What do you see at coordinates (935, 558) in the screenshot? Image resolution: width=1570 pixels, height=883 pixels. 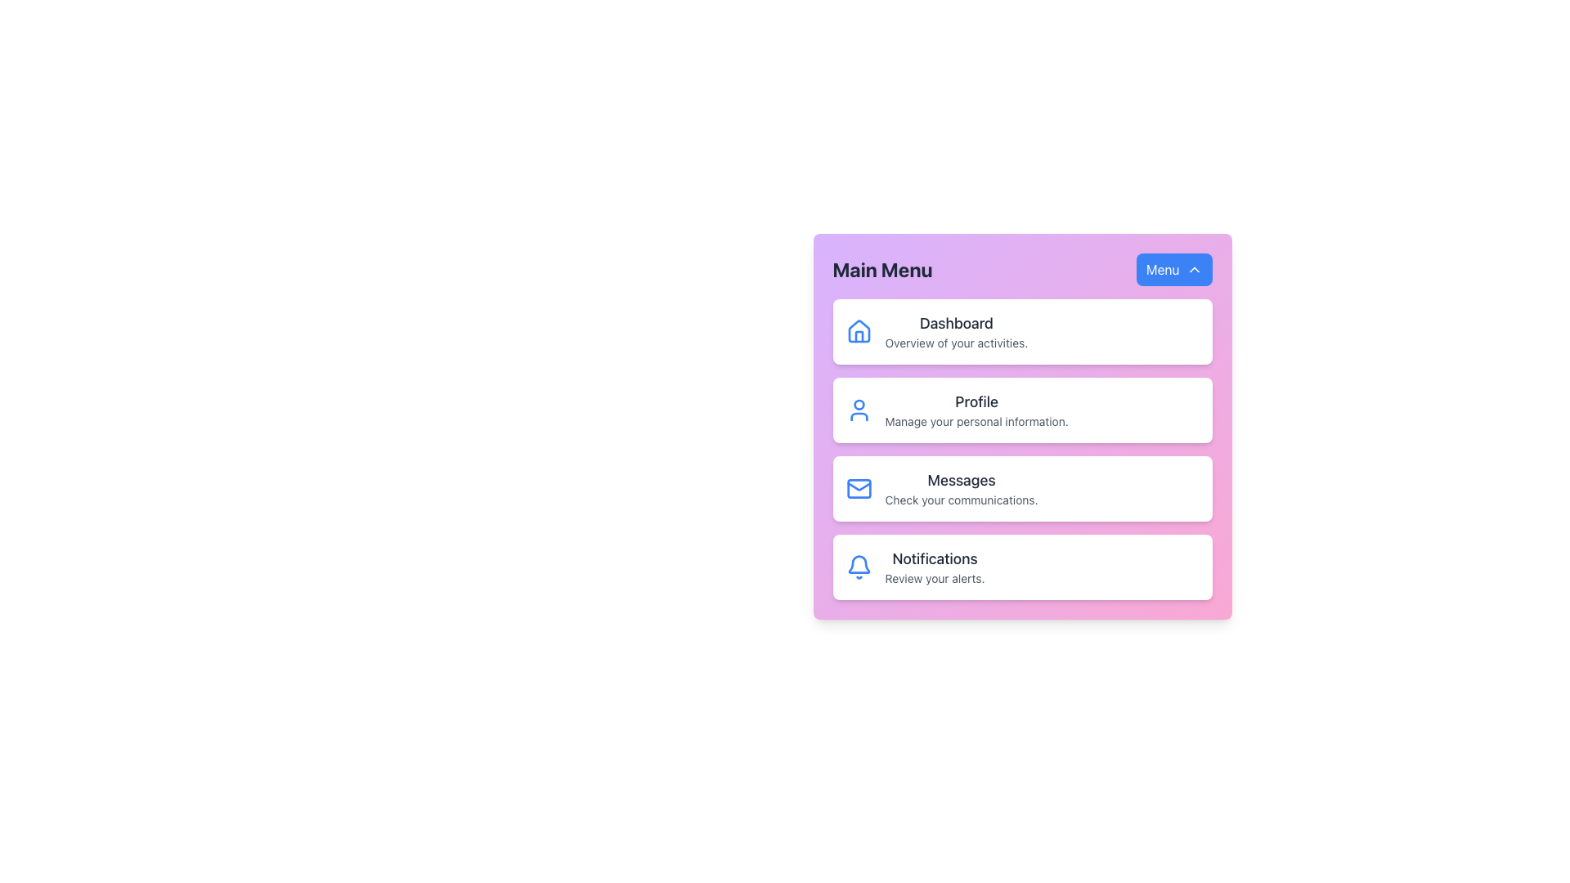 I see `the static text label 'Notifications' which serves as the title of the Notifications section, located beneath 'Messages' in the Main Menu interface` at bounding box center [935, 558].